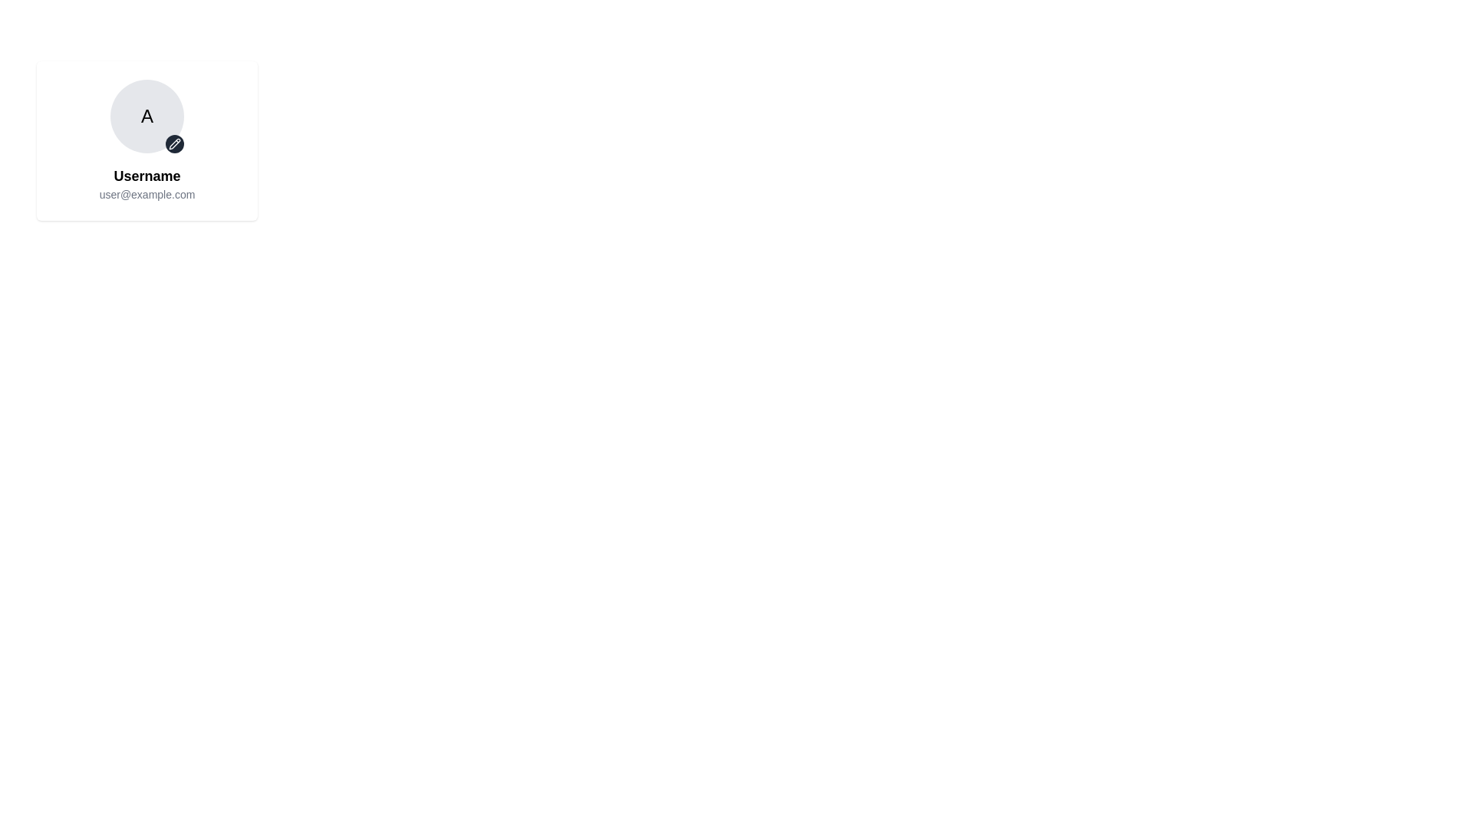 This screenshot has height=828, width=1473. I want to click on the small pencil icon located inside the circular button at the bottom-right corner of the card to initiate editing options, so click(174, 144).